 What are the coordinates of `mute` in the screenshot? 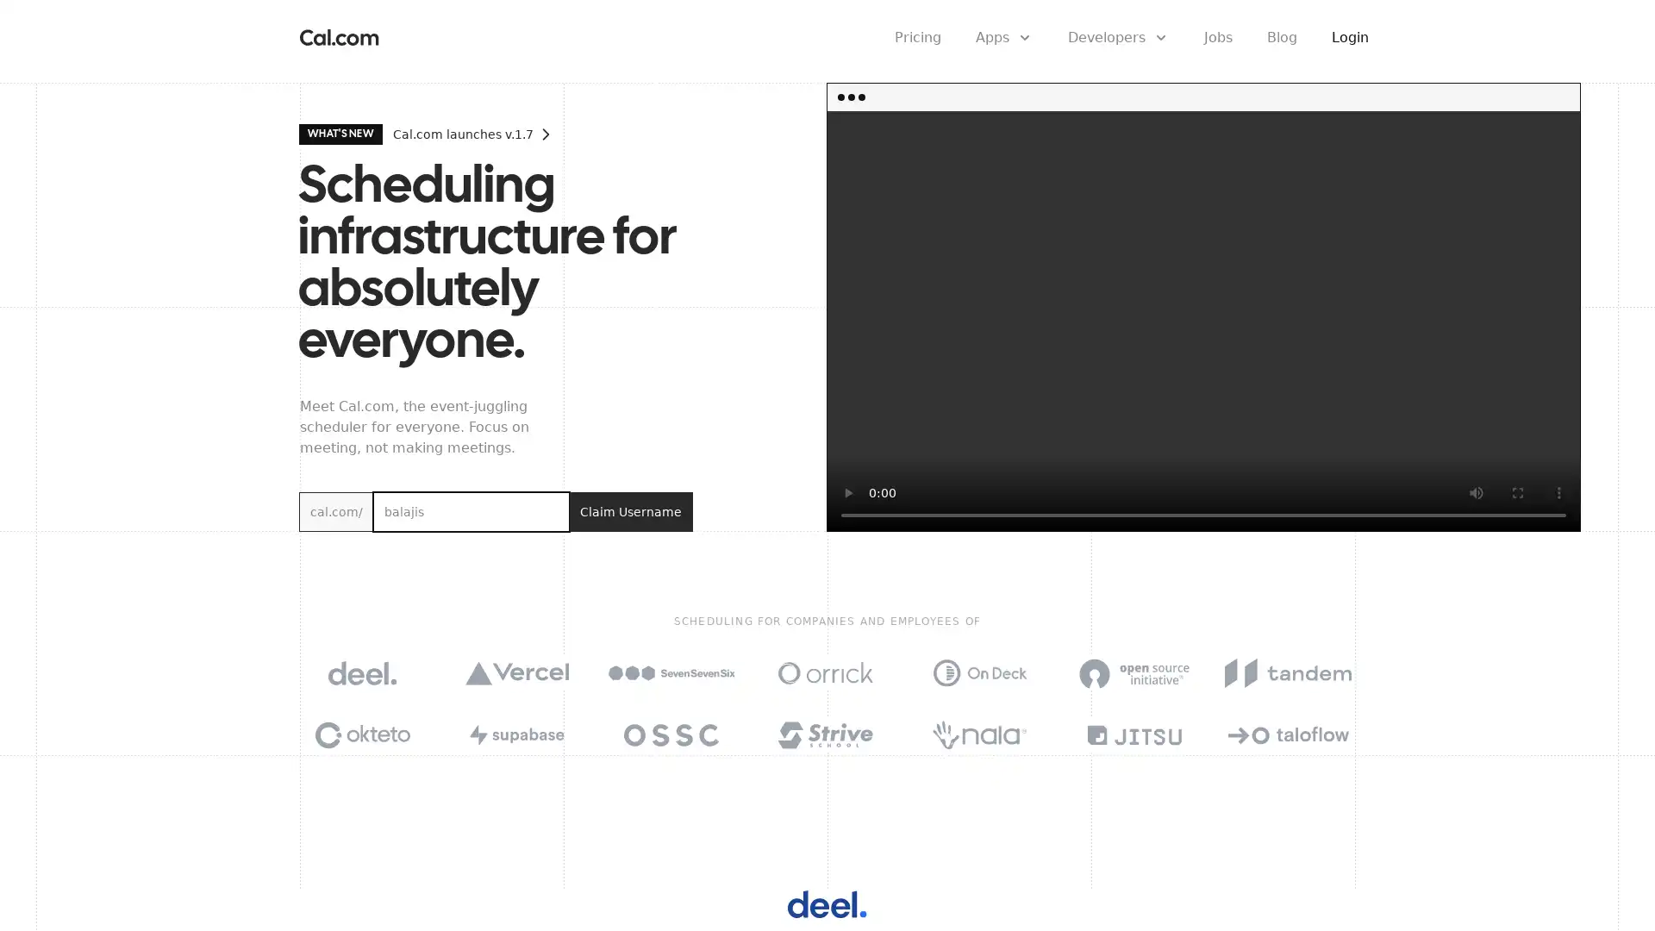 It's located at (1476, 492).